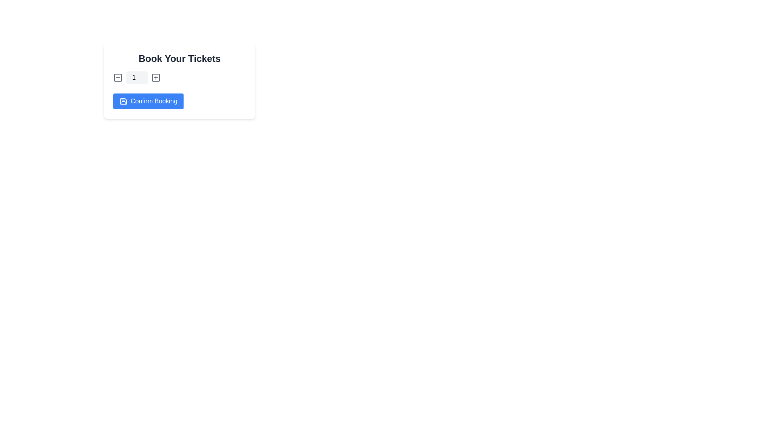  What do you see at coordinates (123, 101) in the screenshot?
I see `the floppy disk icon located on the left side of the 'Confirm Booking' button` at bounding box center [123, 101].